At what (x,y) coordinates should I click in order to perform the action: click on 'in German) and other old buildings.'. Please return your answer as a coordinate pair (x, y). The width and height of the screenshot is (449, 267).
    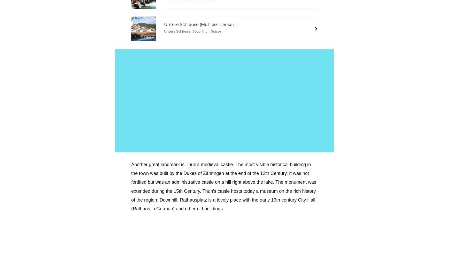
    Looking at the image, I should click on (150, 208).